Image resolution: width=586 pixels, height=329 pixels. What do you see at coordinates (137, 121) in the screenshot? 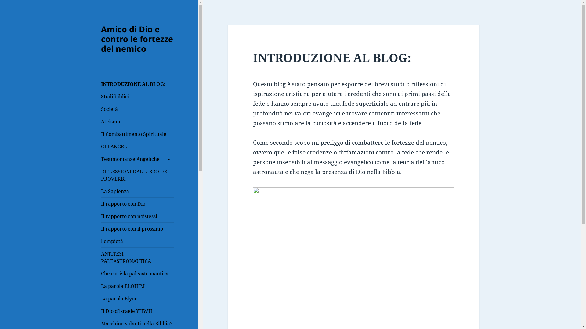
I see `'Ateismo'` at bounding box center [137, 121].